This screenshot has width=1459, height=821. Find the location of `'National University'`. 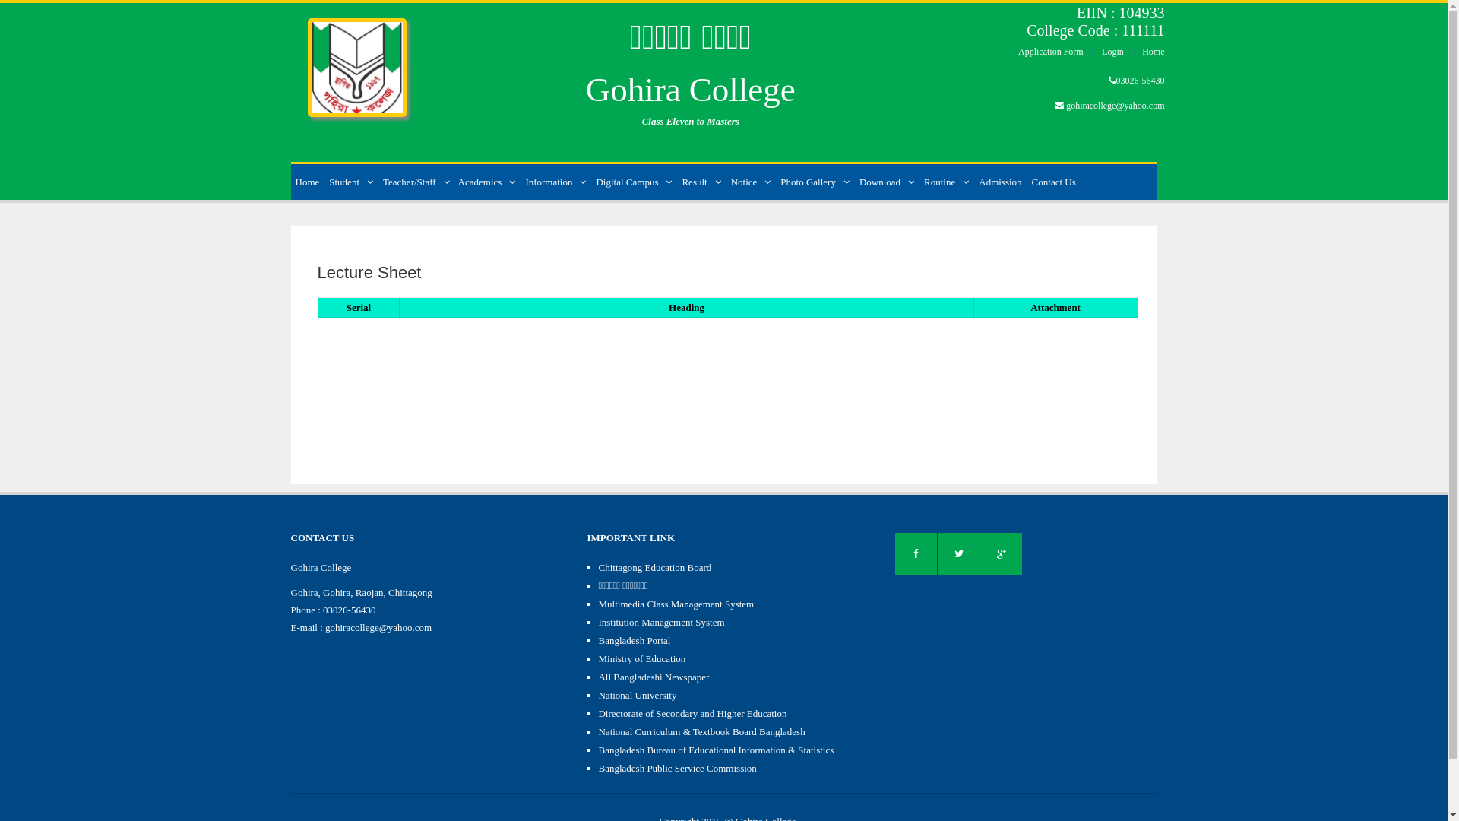

'National University' is located at coordinates (637, 695).